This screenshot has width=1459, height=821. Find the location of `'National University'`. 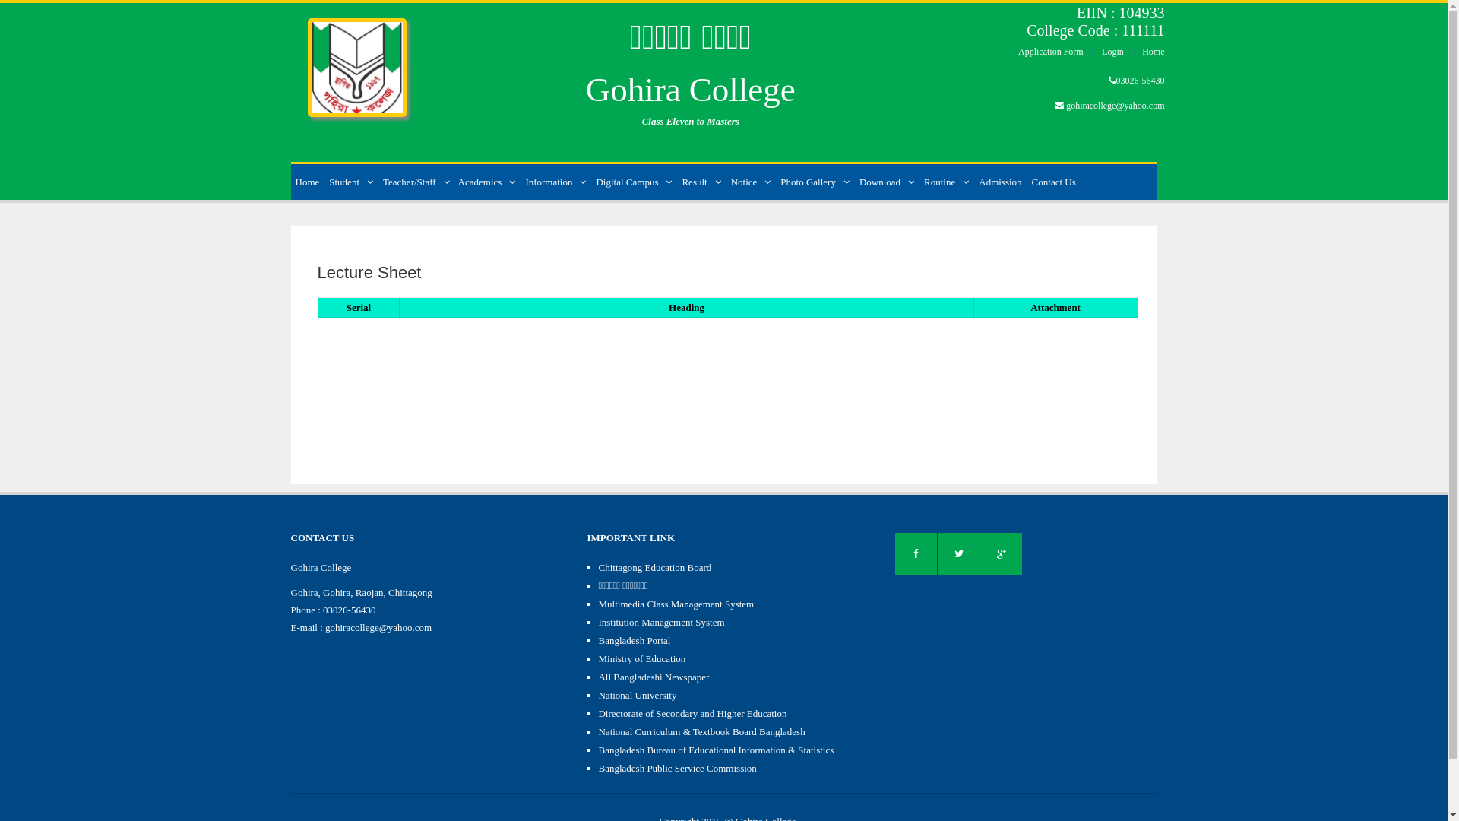

'National University' is located at coordinates (637, 695).